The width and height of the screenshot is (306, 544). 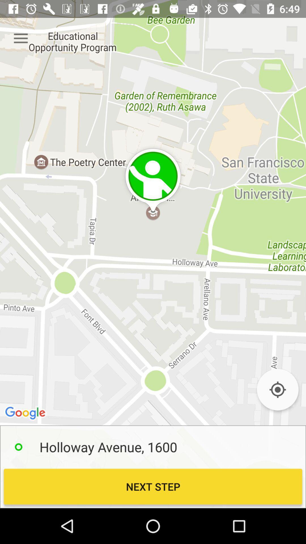 What do you see at coordinates (153, 486) in the screenshot?
I see `next step icon` at bounding box center [153, 486].